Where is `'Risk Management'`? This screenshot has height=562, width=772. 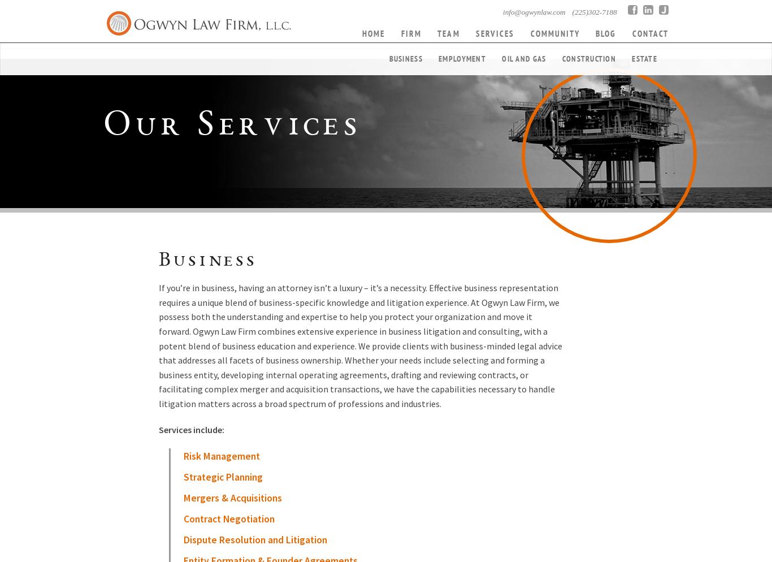 'Risk Management' is located at coordinates (183, 456).